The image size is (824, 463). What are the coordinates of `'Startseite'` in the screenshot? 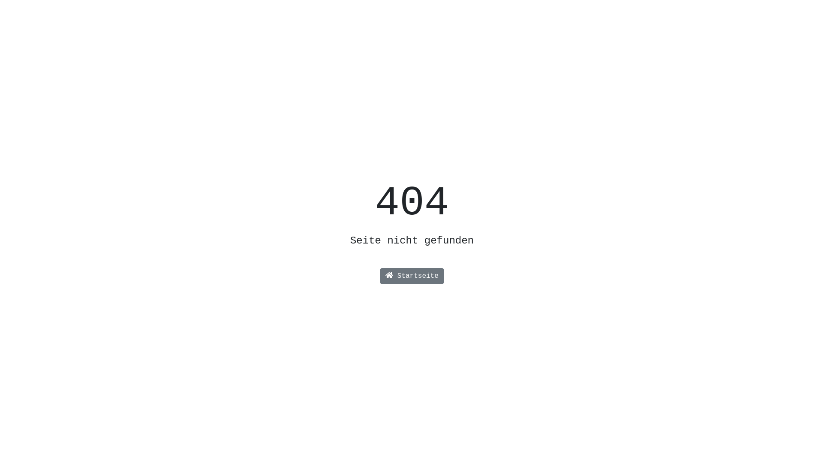 It's located at (412, 276).